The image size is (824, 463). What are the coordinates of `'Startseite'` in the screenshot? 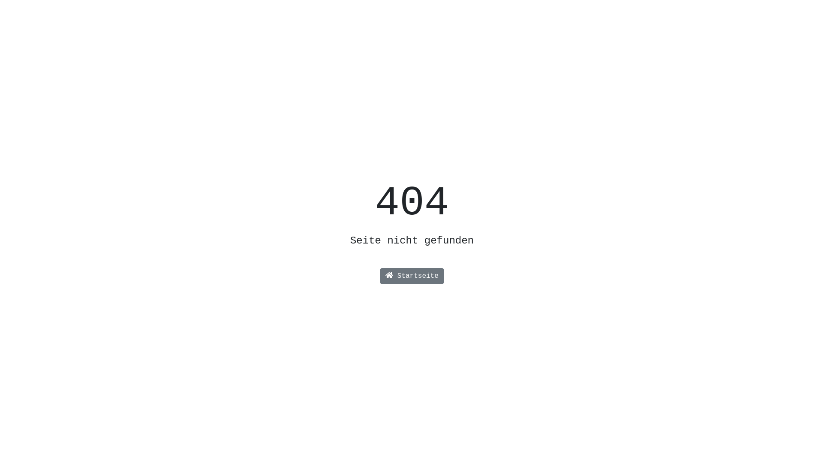 It's located at (412, 276).